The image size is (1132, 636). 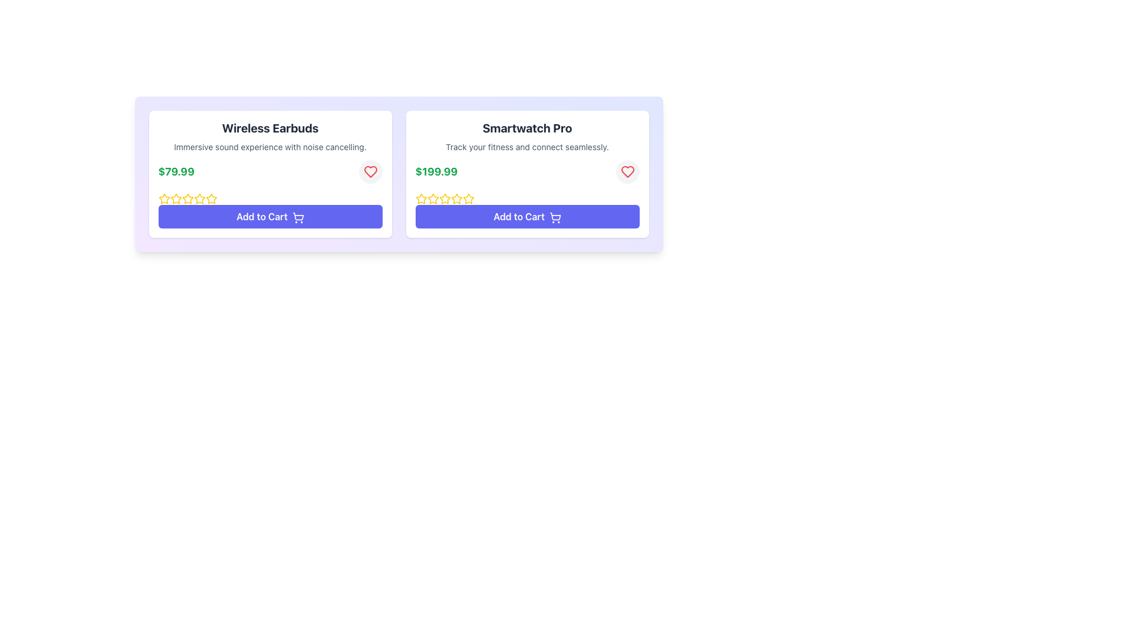 What do you see at coordinates (176, 172) in the screenshot?
I see `price information displayed in the bold, large green text label showing '$79.99' located under the main heading 'Wireless Earbuds' on the left card of a two-card layout` at bounding box center [176, 172].